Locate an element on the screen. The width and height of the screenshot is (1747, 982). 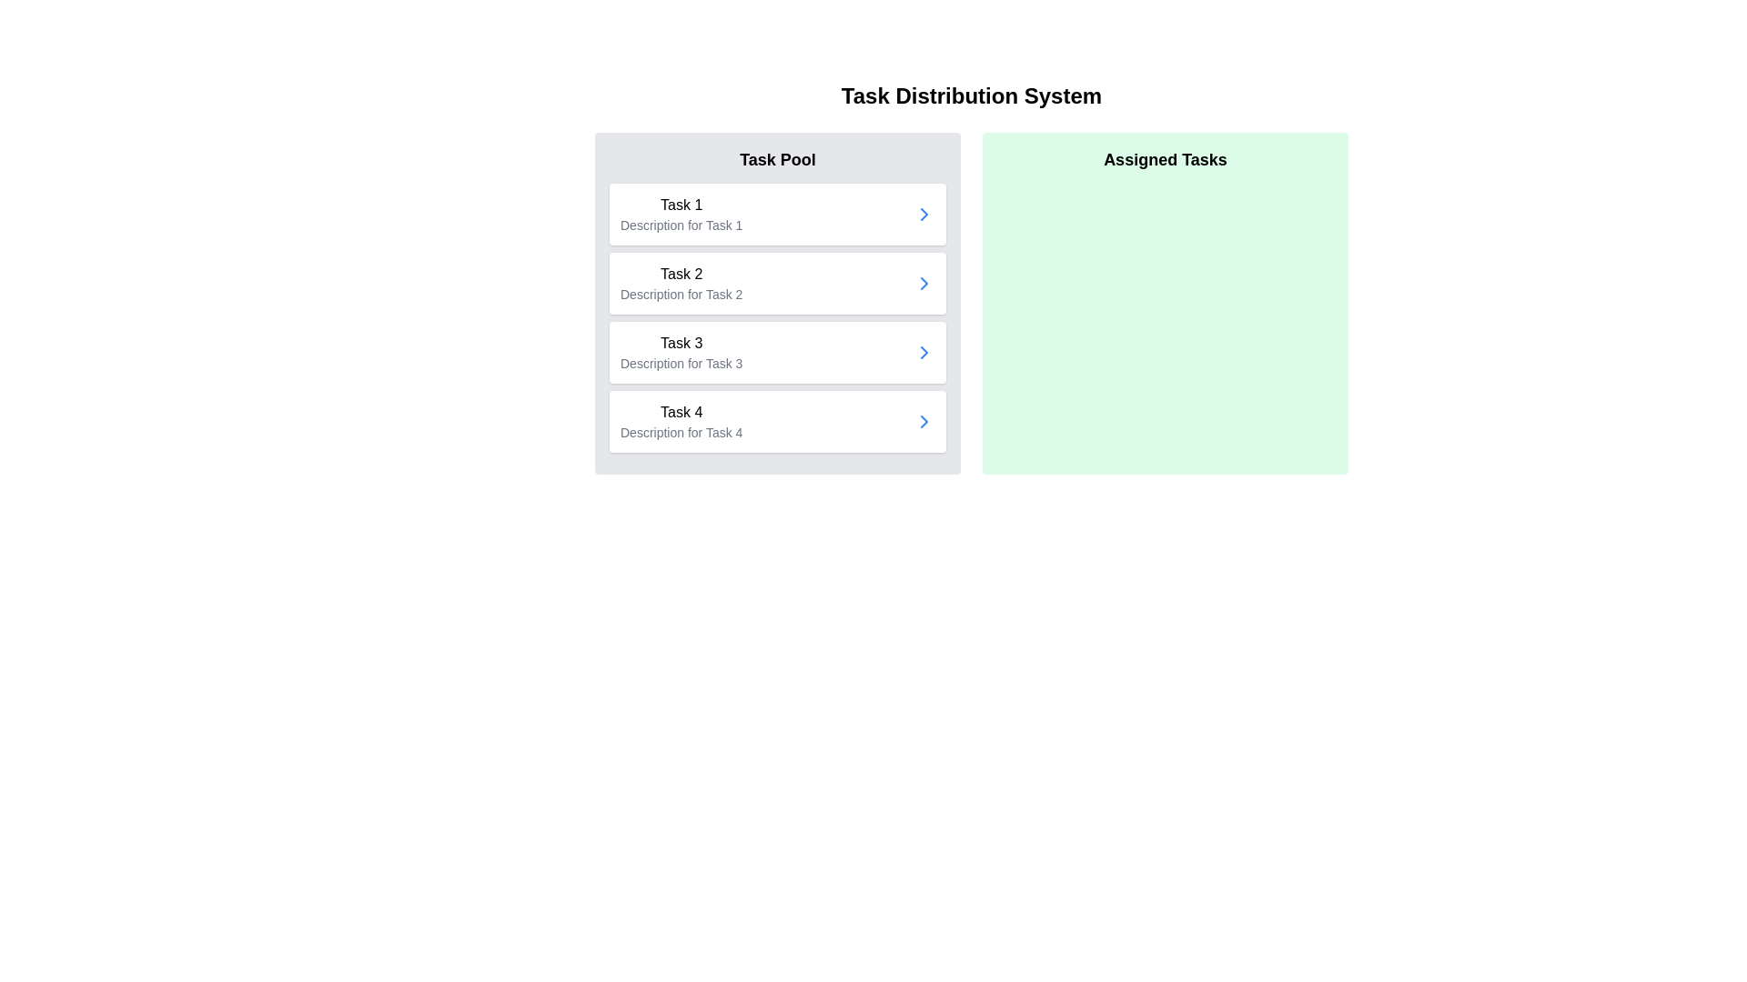
the chevron arrow icon pointing to the right, located at the far-right side of the 'Task 2' list item in the 'Task Pool' section, adjacent to 'Task 2 Description' is located at coordinates (924, 284).